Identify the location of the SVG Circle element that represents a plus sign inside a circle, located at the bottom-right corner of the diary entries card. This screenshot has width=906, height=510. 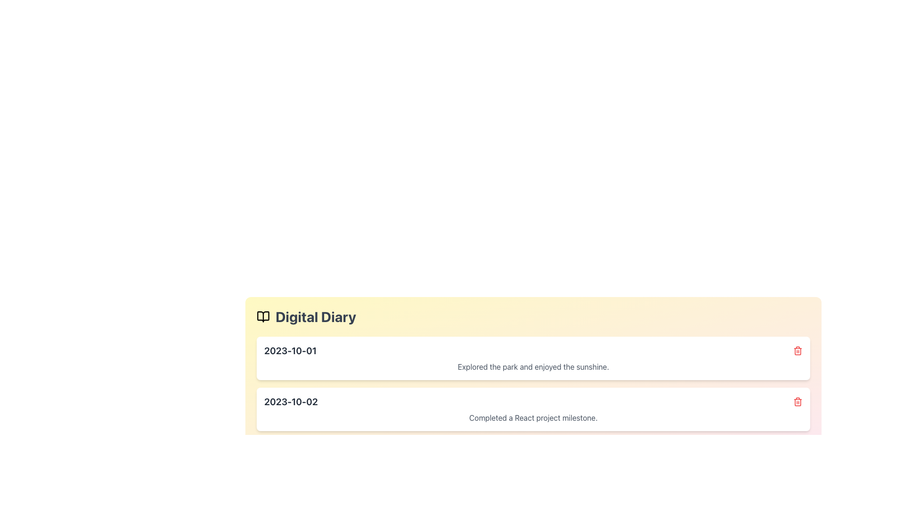
(797, 448).